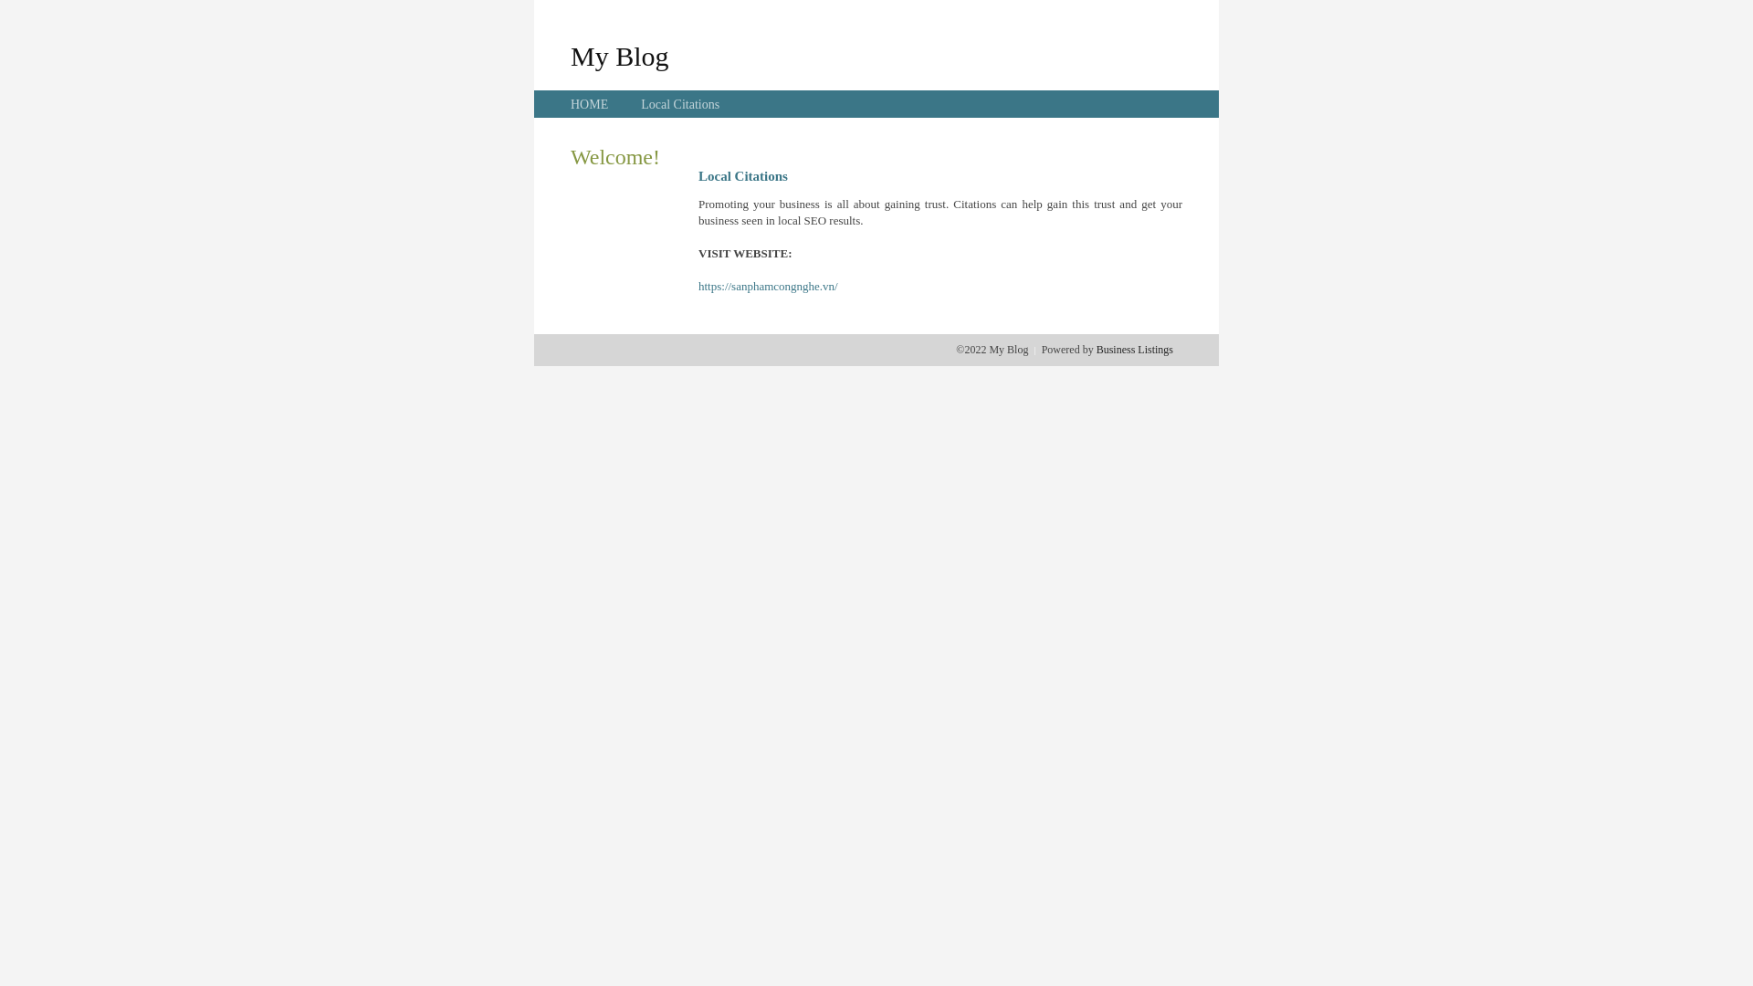 The height and width of the screenshot is (986, 1753). Describe the element at coordinates (1134, 349) in the screenshot. I see `'Business Listings'` at that location.